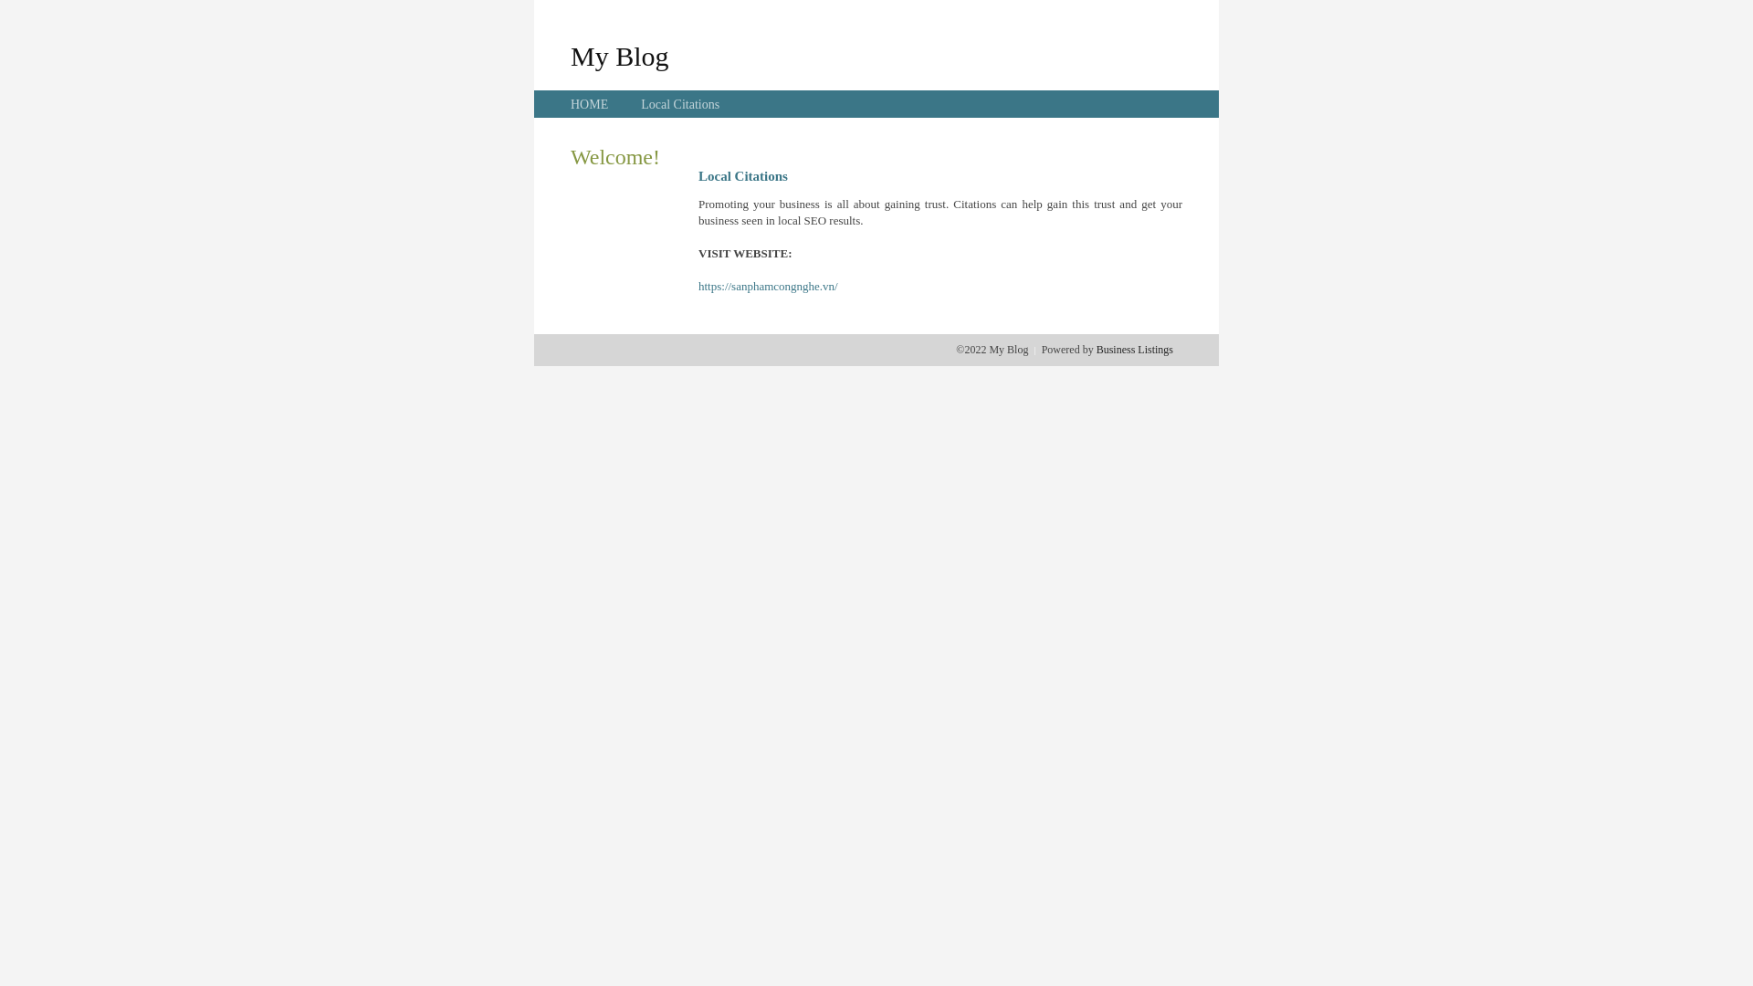 The height and width of the screenshot is (986, 1753). Describe the element at coordinates (1134, 349) in the screenshot. I see `'Business Listings'` at that location.